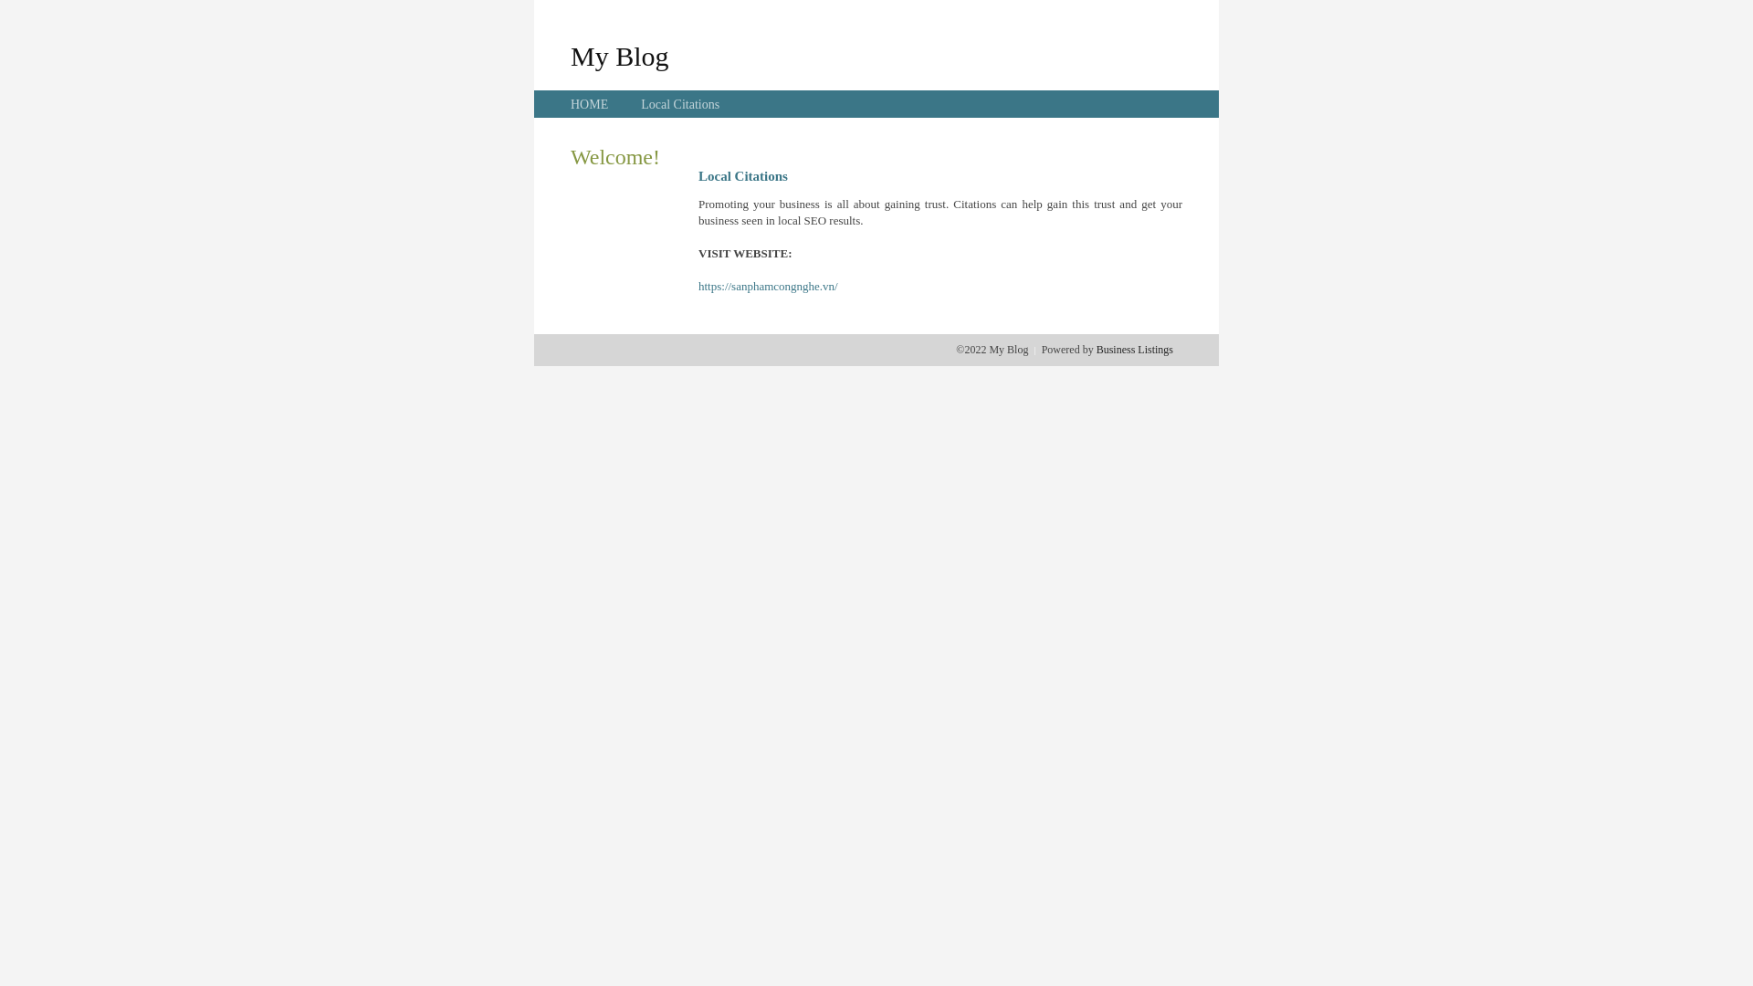 The height and width of the screenshot is (986, 1753). Describe the element at coordinates (1134, 349) in the screenshot. I see `'Business Listings'` at that location.